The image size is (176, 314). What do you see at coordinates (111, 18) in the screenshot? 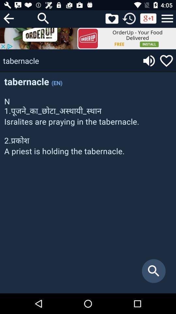
I see `the favorite icon` at bounding box center [111, 18].